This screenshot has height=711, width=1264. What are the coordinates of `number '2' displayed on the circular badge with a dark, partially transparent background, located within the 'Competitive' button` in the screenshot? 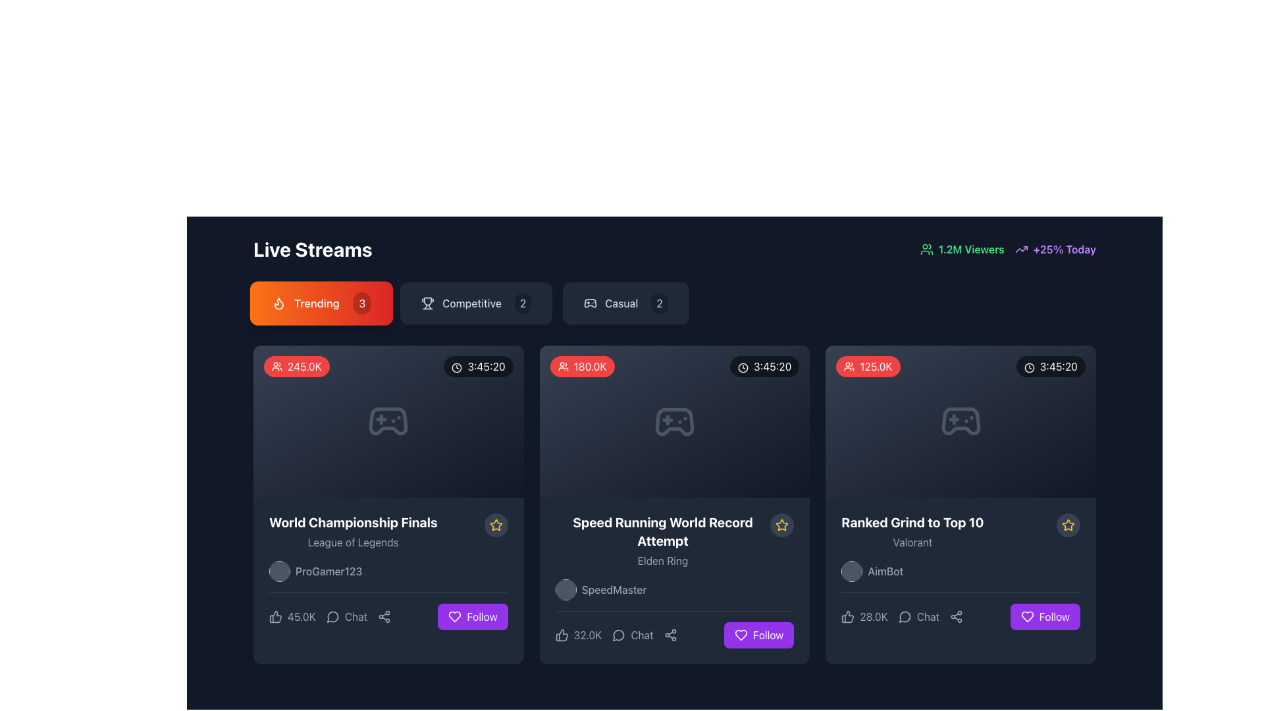 It's located at (522, 303).